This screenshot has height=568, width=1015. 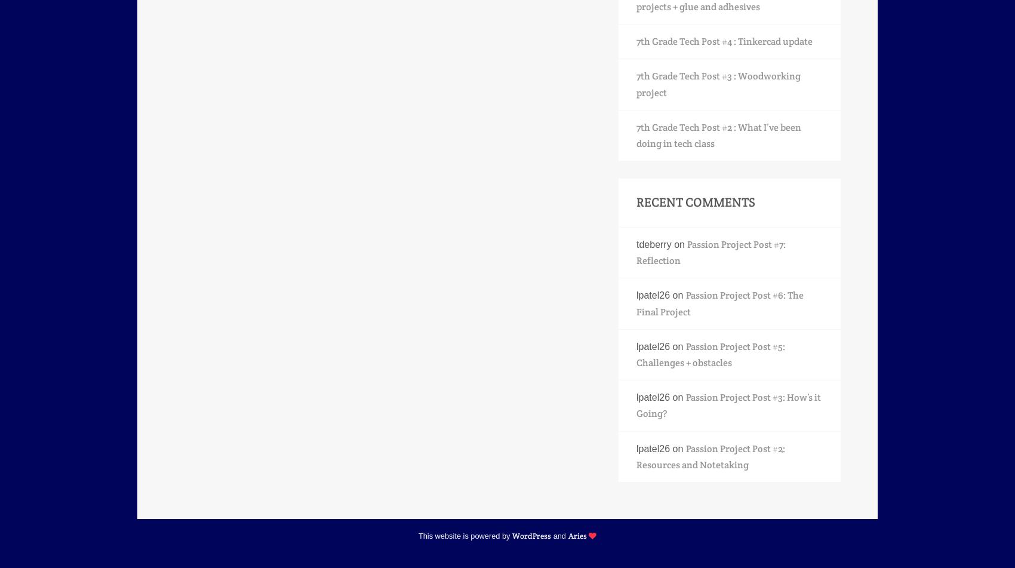 I want to click on 'Passion Project Post #6: The Final Project', so click(x=636, y=303).